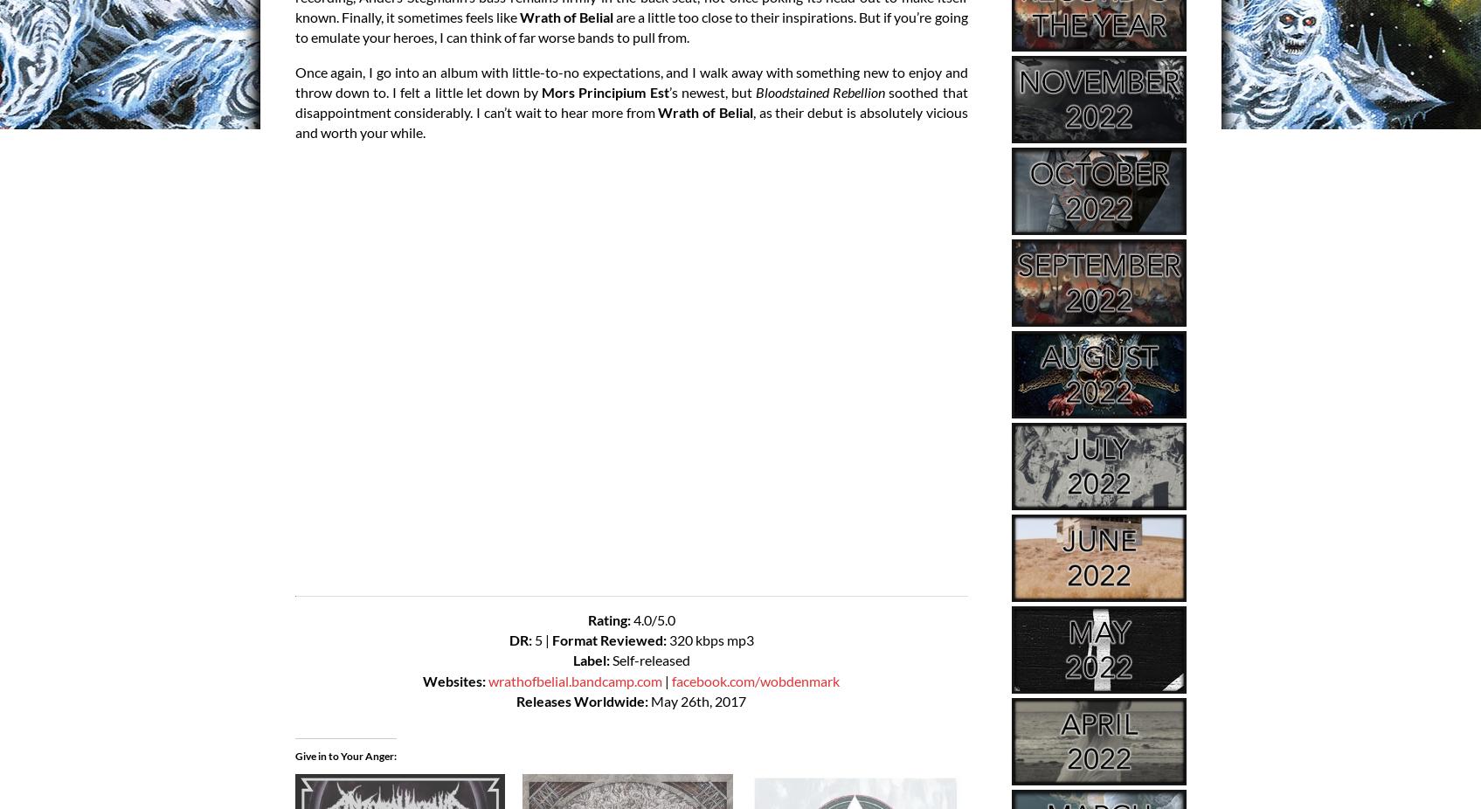 The image size is (1481, 809). What do you see at coordinates (590, 660) in the screenshot?
I see `'Label:'` at bounding box center [590, 660].